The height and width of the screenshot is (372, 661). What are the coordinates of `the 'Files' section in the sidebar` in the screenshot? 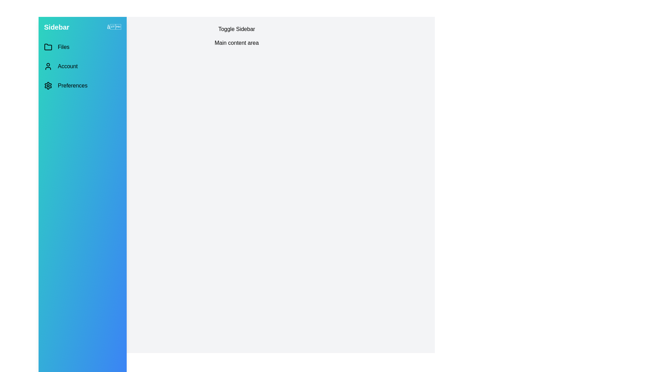 It's located at (83, 47).